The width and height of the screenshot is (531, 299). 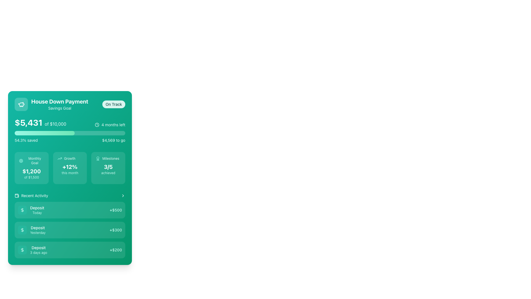 What do you see at coordinates (37, 210) in the screenshot?
I see `the 'Deposit' text label in the recent activity log that indicates a transaction that occurred today` at bounding box center [37, 210].